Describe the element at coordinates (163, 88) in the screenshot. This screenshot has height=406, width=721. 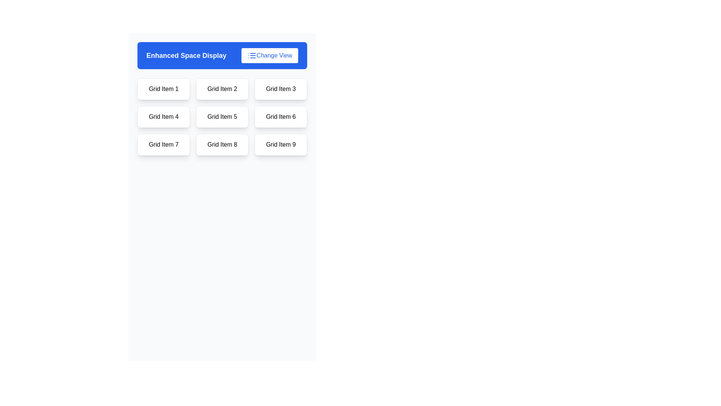
I see `the Card or Grid Item titled 'Grid Item 1' located in the top-left corner of the grid` at that location.